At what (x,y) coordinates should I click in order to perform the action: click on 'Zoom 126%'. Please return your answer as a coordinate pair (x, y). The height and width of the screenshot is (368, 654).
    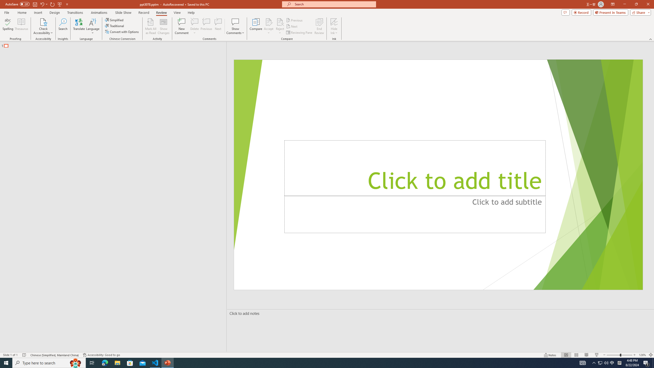
    Looking at the image, I should click on (643, 355).